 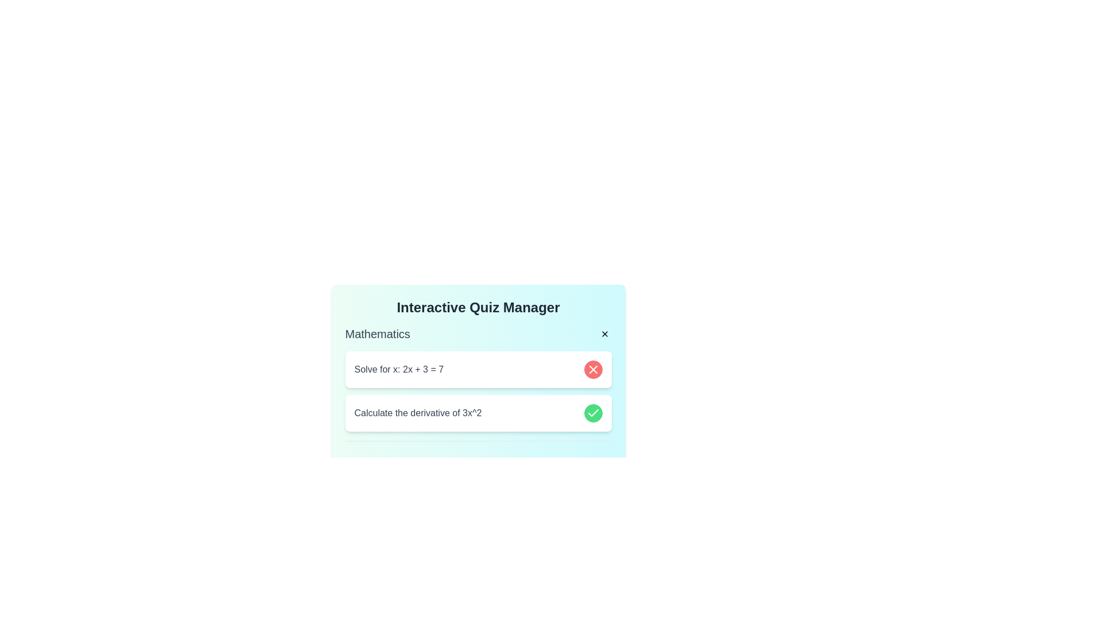 What do you see at coordinates (593, 412) in the screenshot?
I see `the checkmark icon within the green circular button on the right side of the second quiz question labeled 'Calculate the derivative of 3x^2'` at bounding box center [593, 412].